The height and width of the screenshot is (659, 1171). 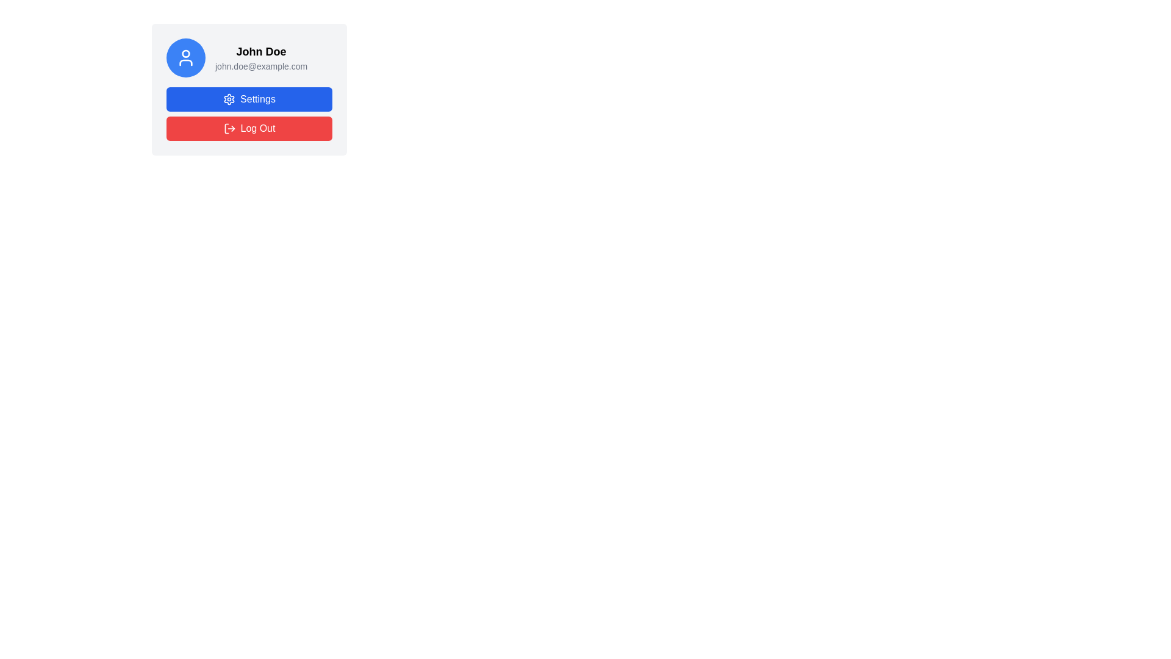 I want to click on the Text Block displaying the name 'John Doe' and the email 'john.doe@example.com' located in the upper central section of the user profile card, so click(x=260, y=58).